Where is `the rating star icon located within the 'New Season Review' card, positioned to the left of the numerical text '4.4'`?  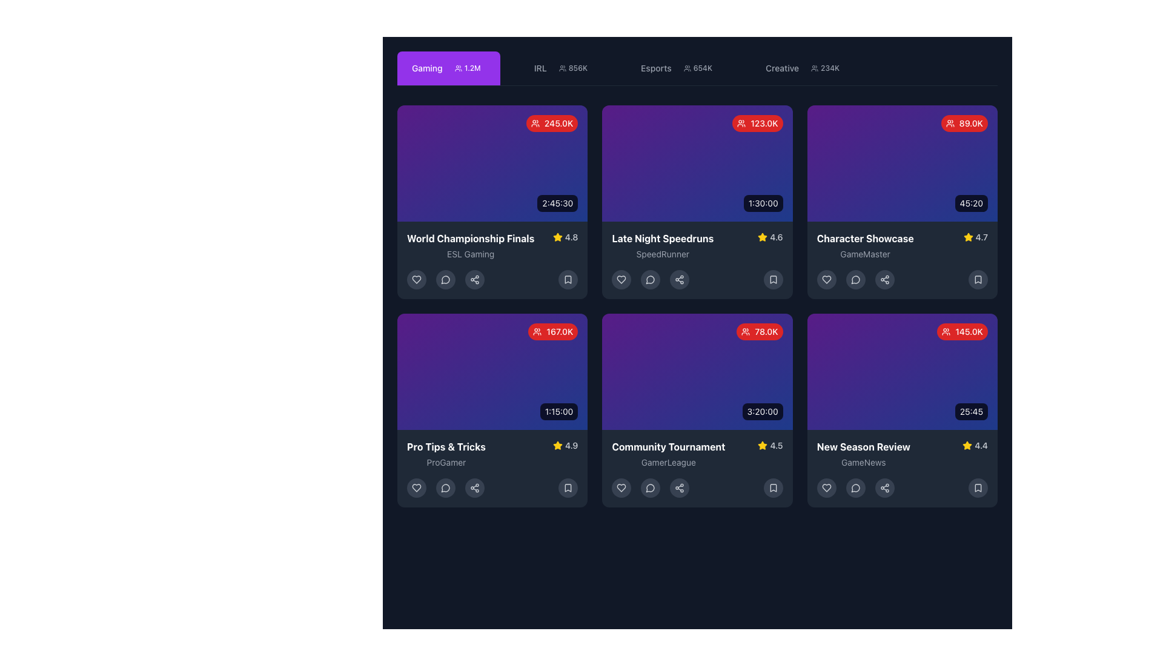 the rating star icon located within the 'New Season Review' card, positioned to the left of the numerical text '4.4' is located at coordinates (967, 446).